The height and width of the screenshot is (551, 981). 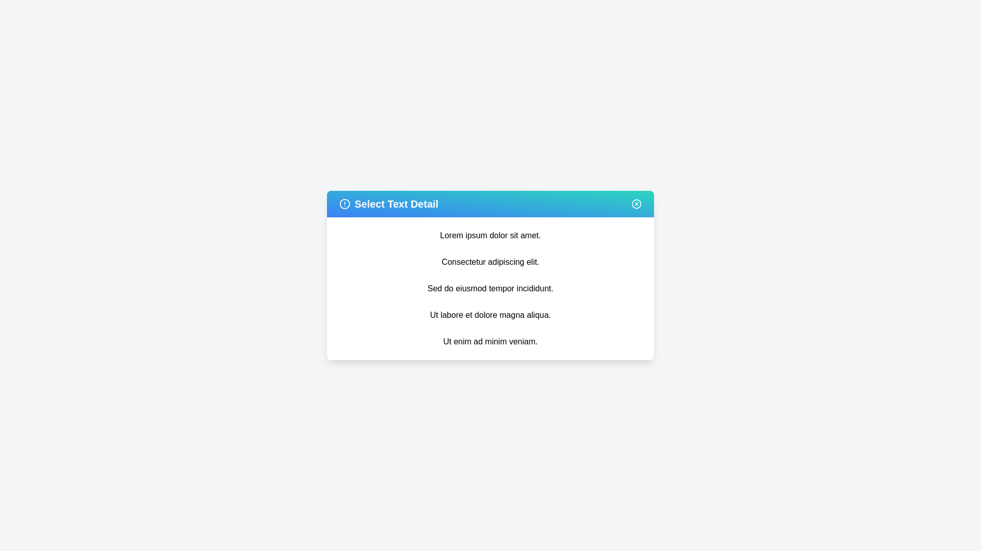 What do you see at coordinates (491, 236) in the screenshot?
I see `the text item 'Lorem ipsum dolor sit amet.' from the list` at bounding box center [491, 236].